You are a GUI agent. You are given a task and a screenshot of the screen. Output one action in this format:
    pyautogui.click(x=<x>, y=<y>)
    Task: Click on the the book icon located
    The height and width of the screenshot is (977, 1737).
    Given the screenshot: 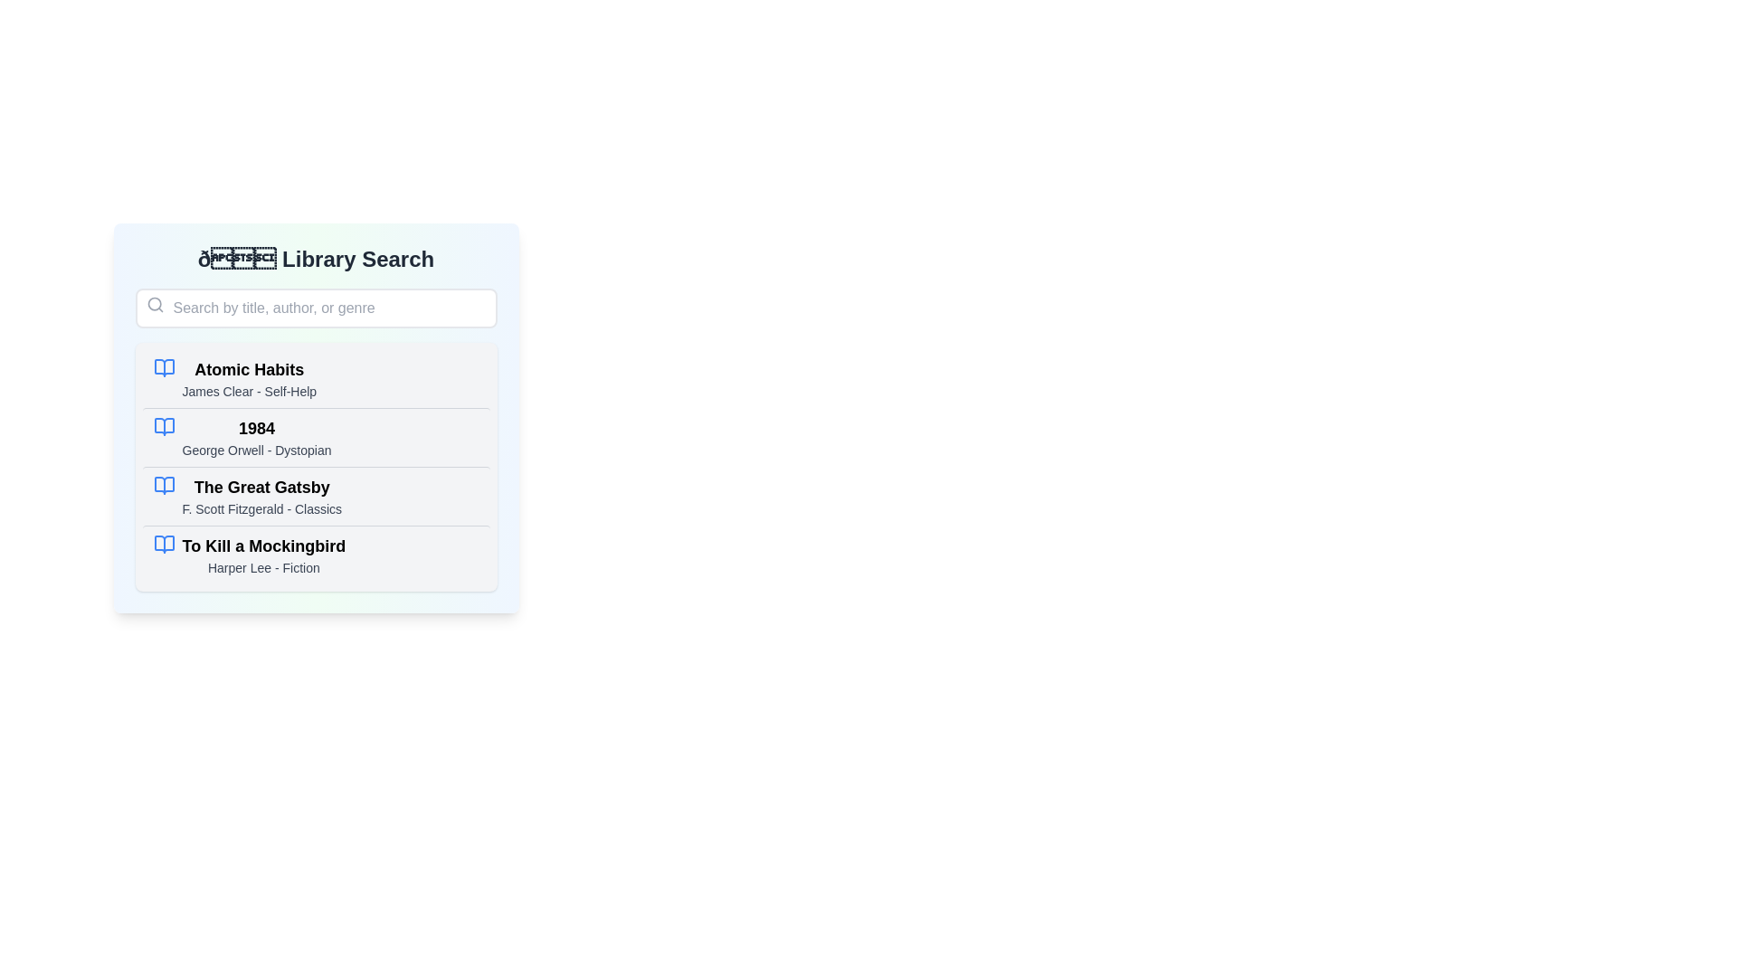 What is the action you would take?
    pyautogui.click(x=164, y=426)
    